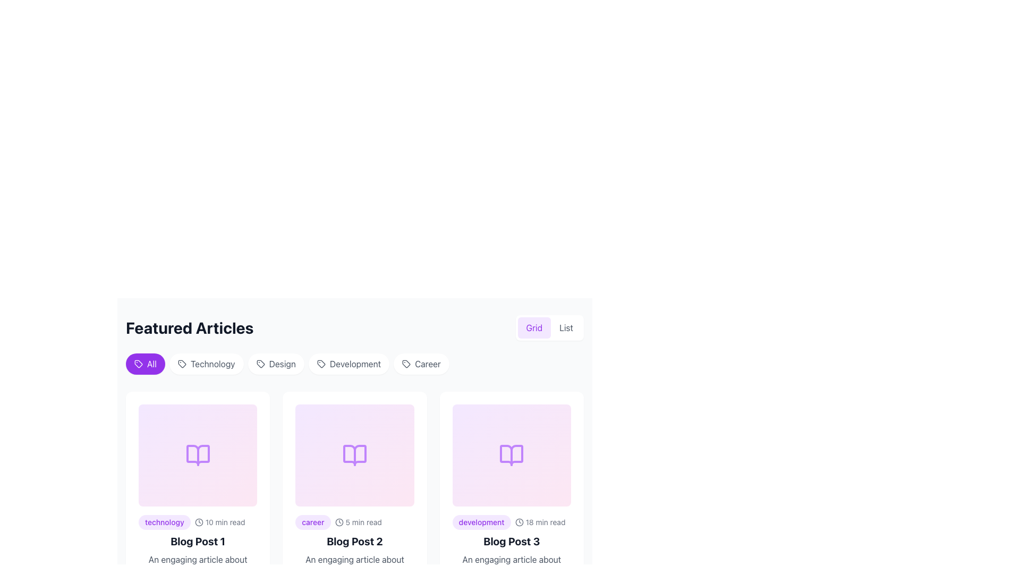  Describe the element at coordinates (182, 364) in the screenshot. I see `the tag-shaped icon with a circular cutout, which is the second icon in the horizontal list of selectable topics` at that location.